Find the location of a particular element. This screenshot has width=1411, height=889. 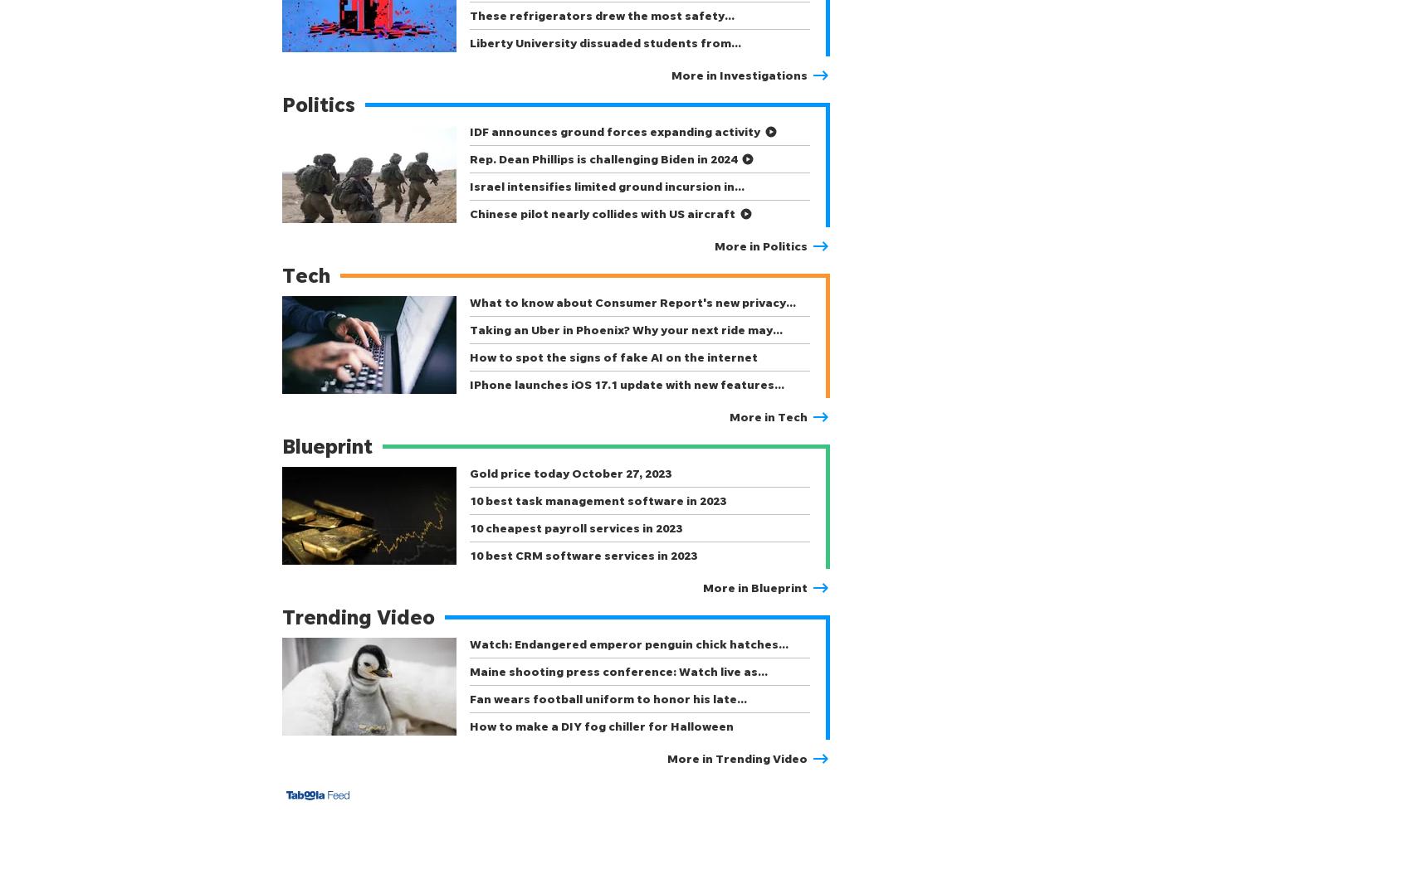

'Watch: Endangered emperor penguin chick hatches…' is located at coordinates (628, 644).